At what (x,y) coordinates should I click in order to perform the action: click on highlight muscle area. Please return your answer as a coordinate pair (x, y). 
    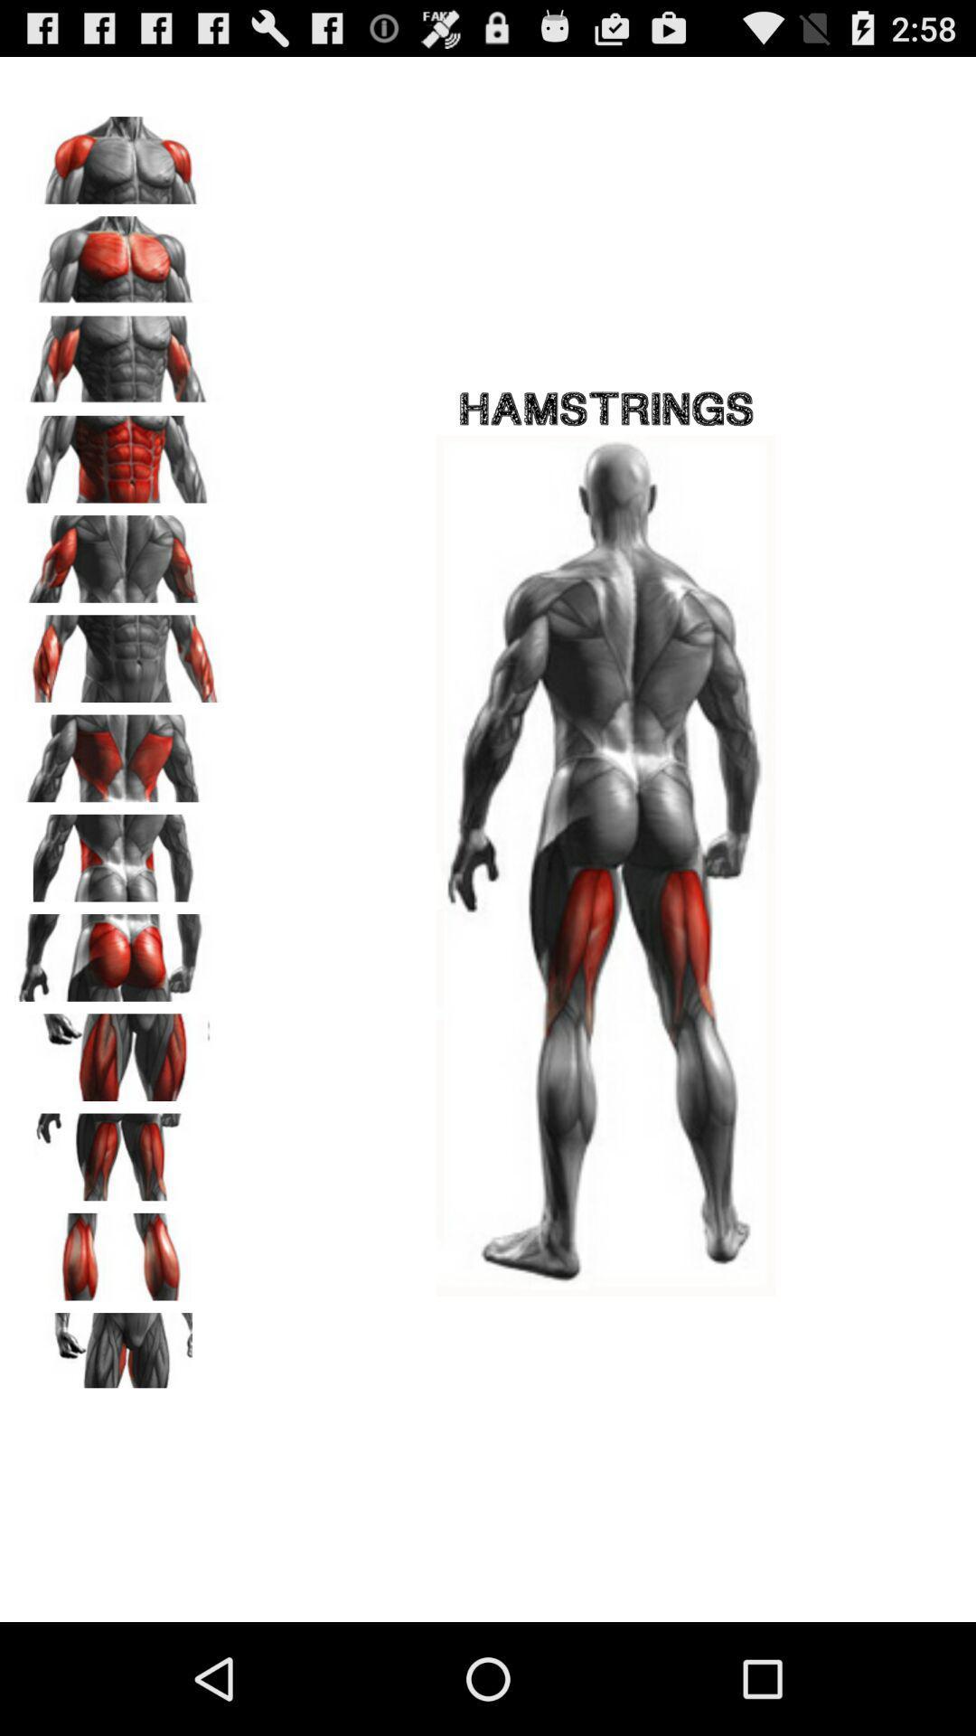
    Looking at the image, I should click on (118, 1250).